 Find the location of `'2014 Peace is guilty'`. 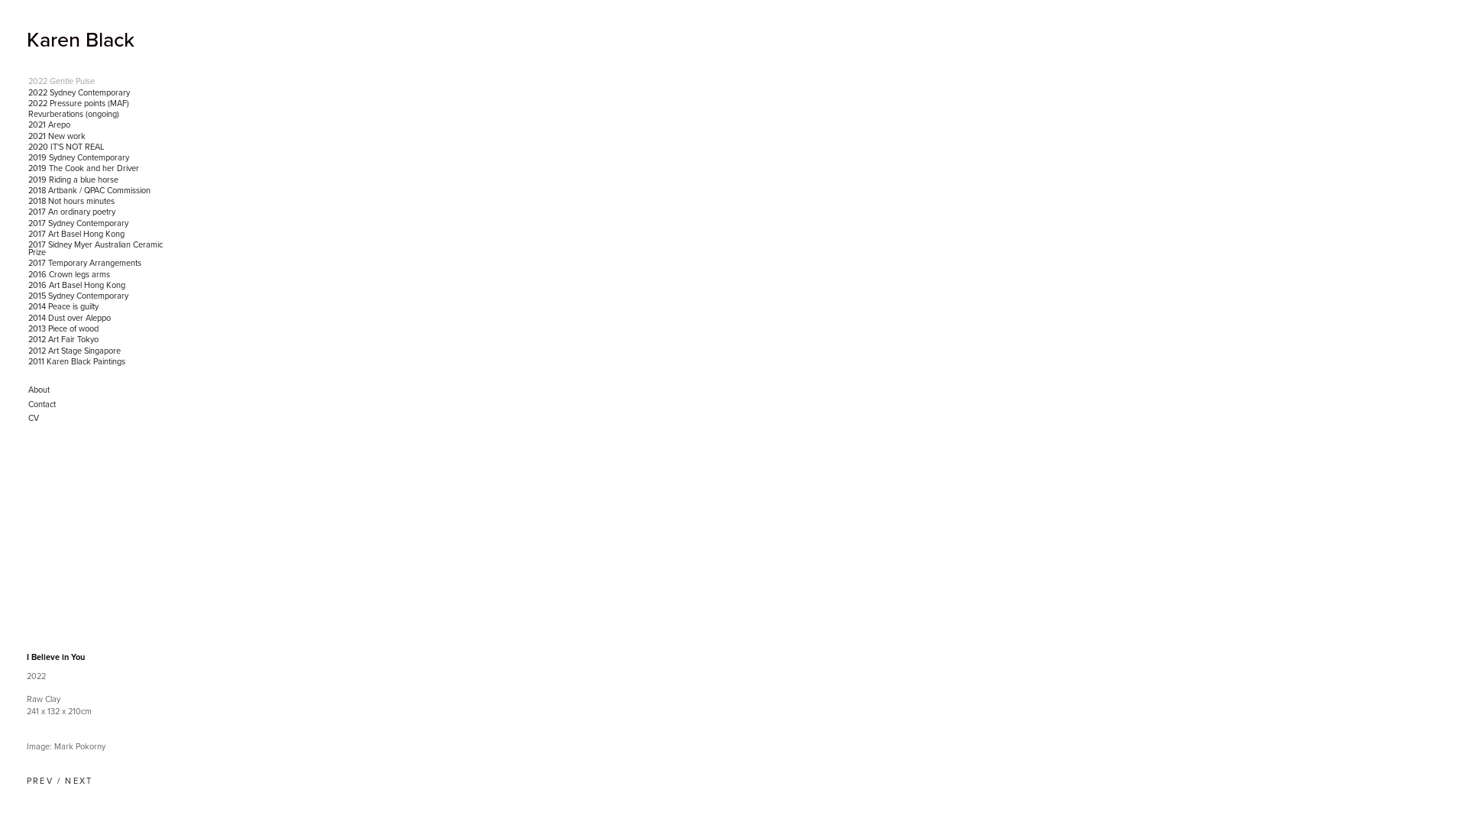

'2014 Peace is guilty' is located at coordinates (98, 306).